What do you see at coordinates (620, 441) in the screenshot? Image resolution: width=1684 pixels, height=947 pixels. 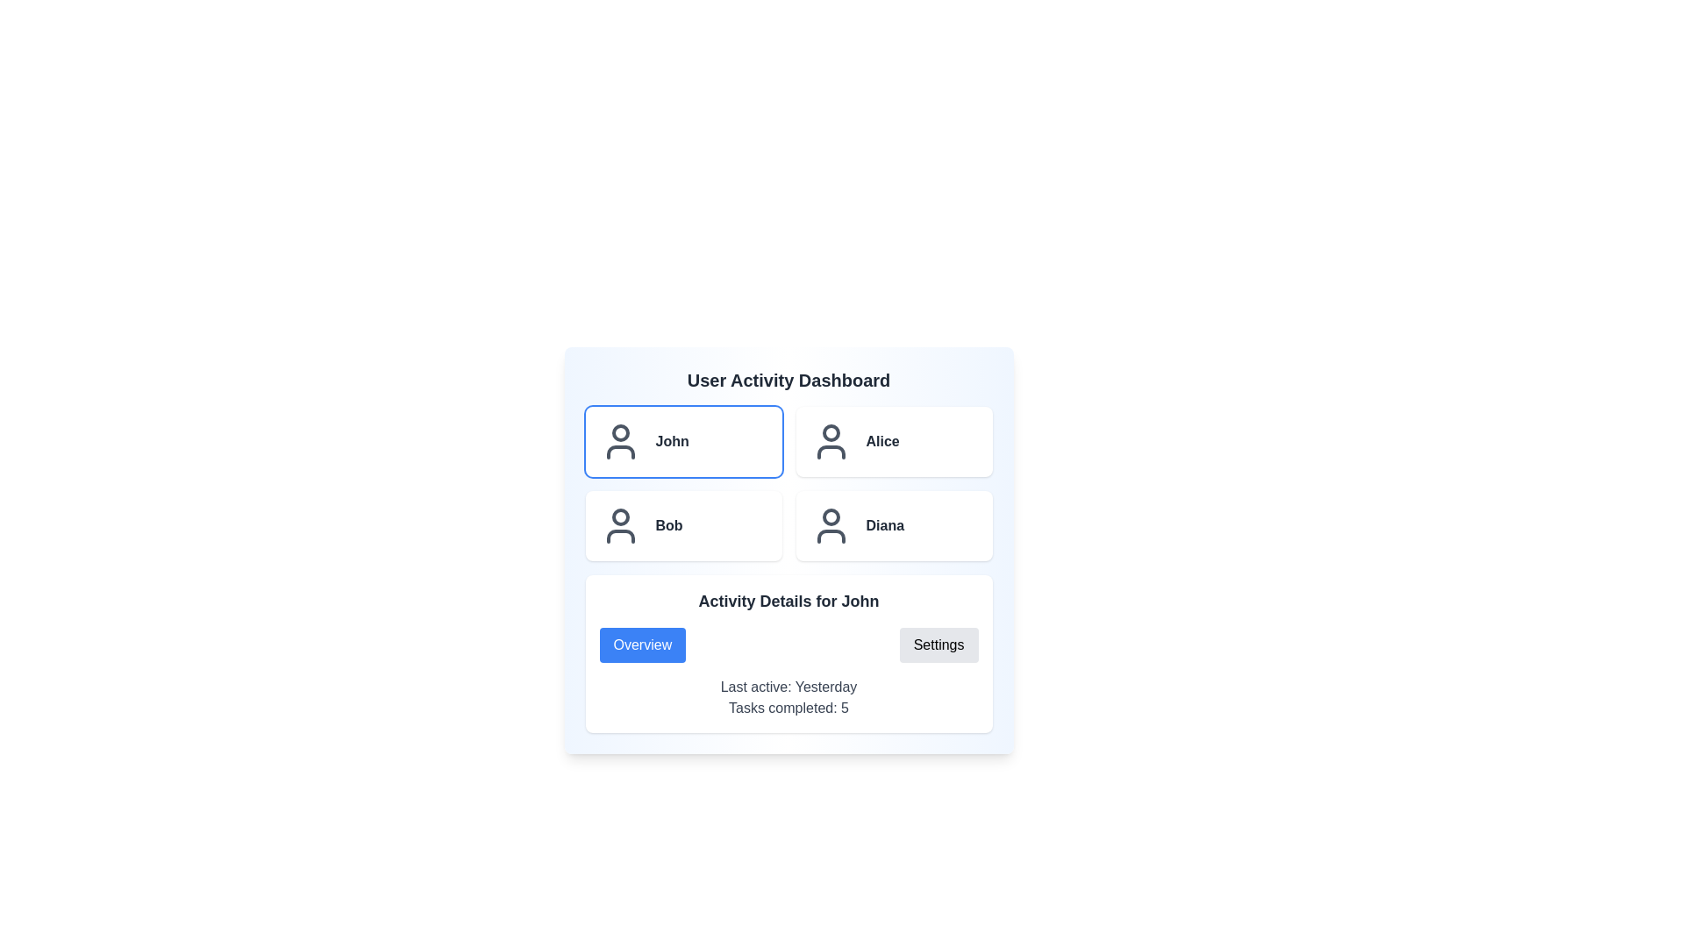 I see `the profile icon representing 'John' in the user activity dashboard, which is a minimalist gray person icon located in the upper left corner of the section` at bounding box center [620, 441].